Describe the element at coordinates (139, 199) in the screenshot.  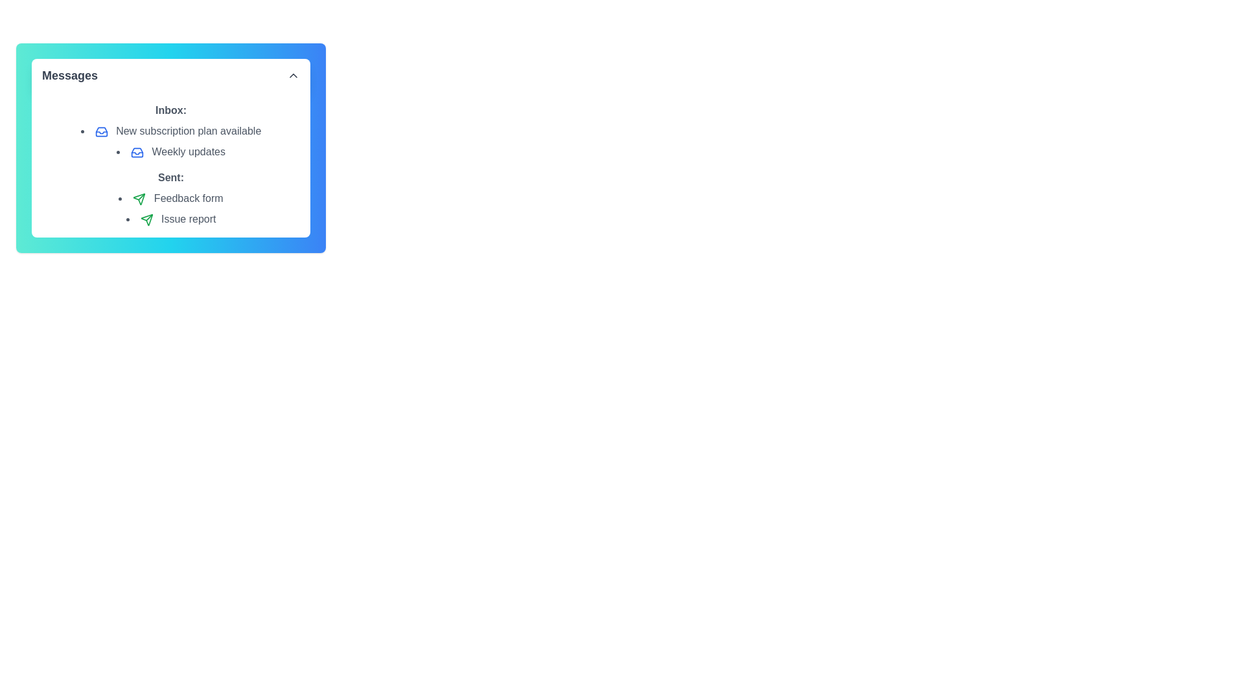
I see `the stylized green paper airplane icon located in the bottom-right quadrant of the 'Messages' card, under the 'Sent' section next to the 'Issue report' label` at that location.